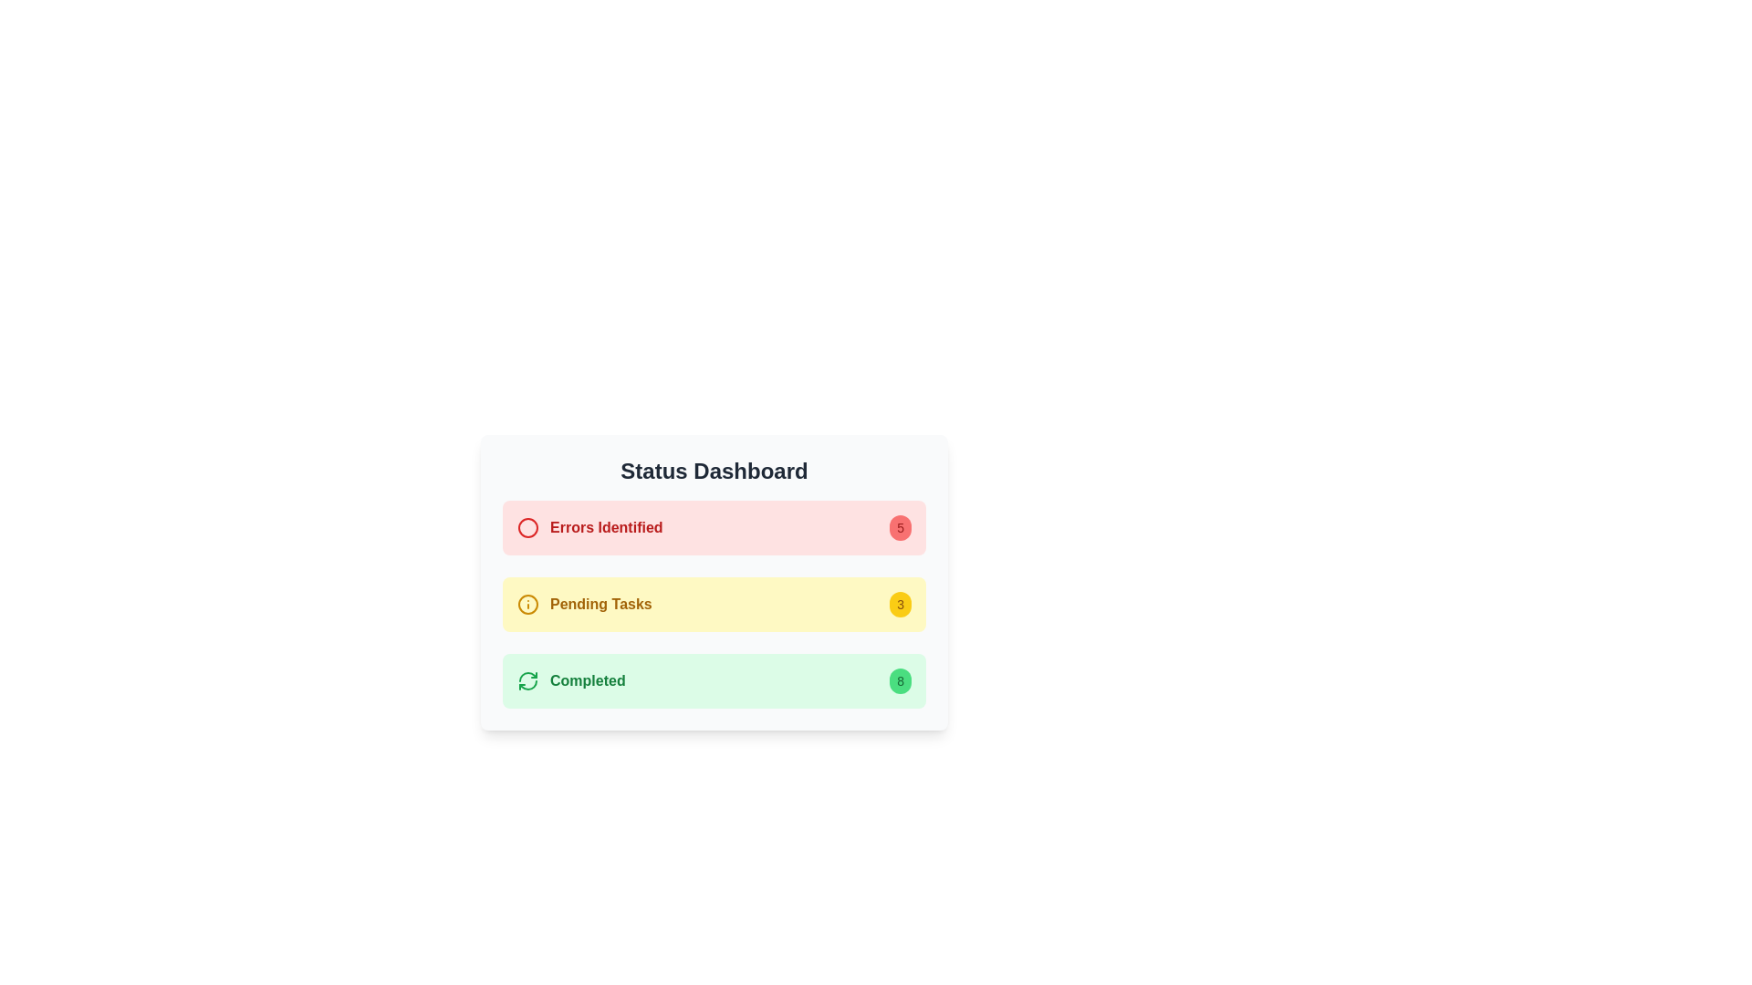  What do you see at coordinates (606, 527) in the screenshot?
I see `the 'Errors Identified' text label` at bounding box center [606, 527].